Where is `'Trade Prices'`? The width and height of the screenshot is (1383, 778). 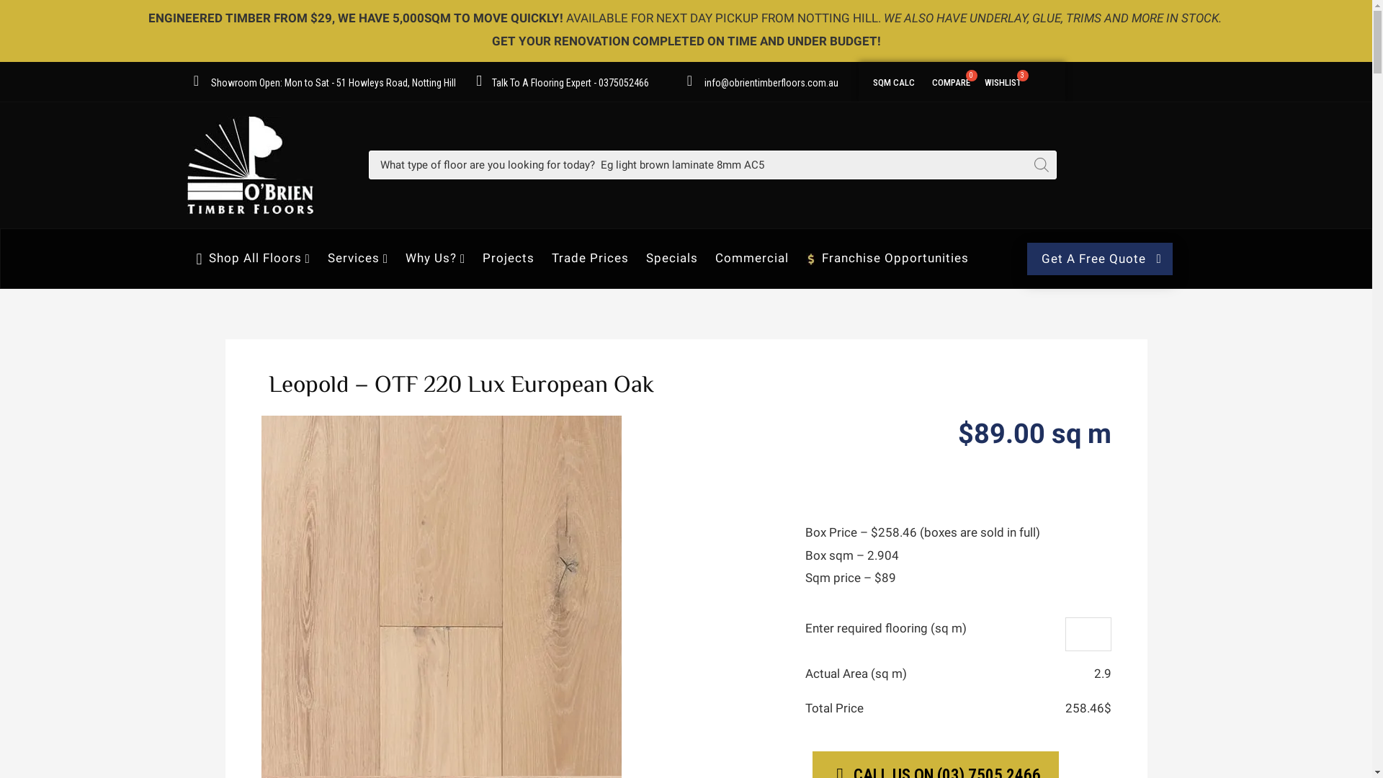
'Trade Prices' is located at coordinates (590, 257).